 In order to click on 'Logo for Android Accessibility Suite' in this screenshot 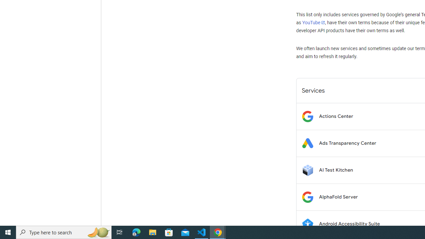, I will do `click(307, 224)`.